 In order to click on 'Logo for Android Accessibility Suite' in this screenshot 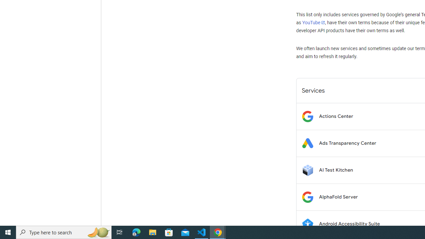, I will do `click(307, 224)`.